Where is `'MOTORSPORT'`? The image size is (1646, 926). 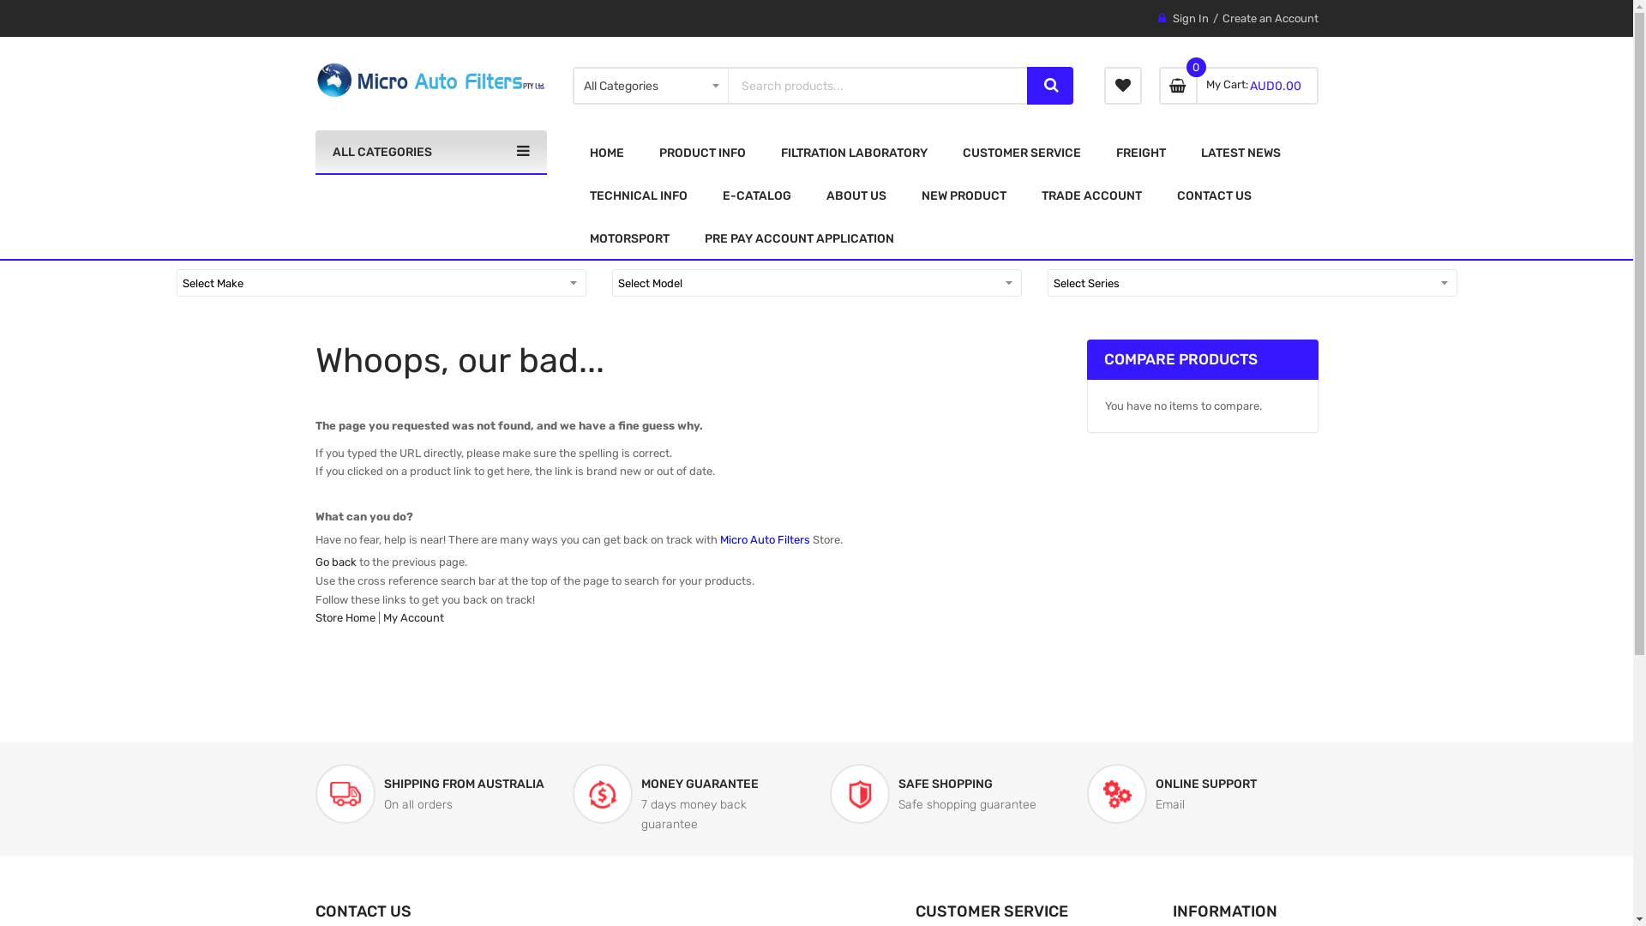
'MOTORSPORT' is located at coordinates (628, 238).